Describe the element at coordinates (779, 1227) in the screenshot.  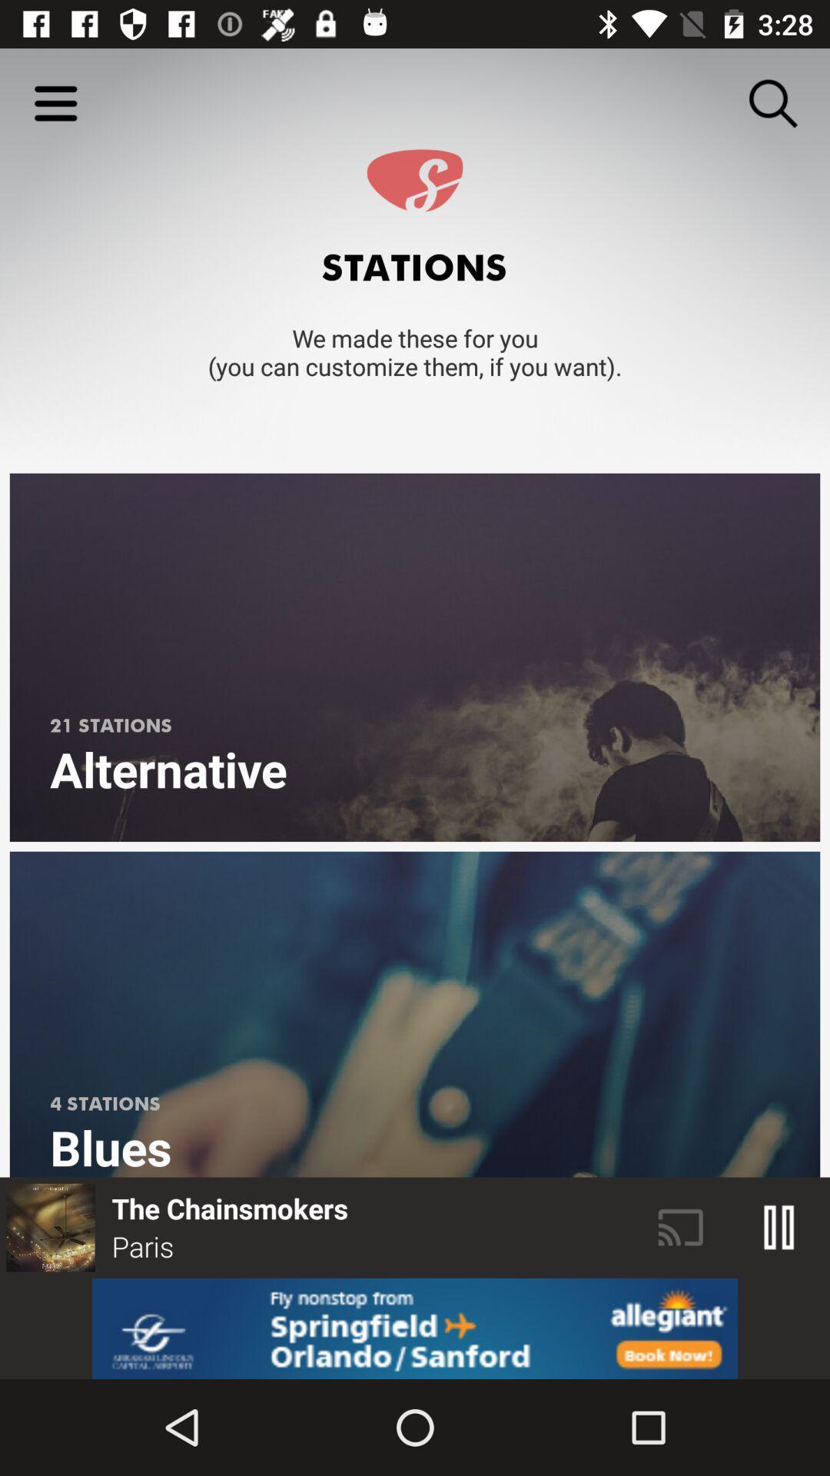
I see `the play button shown on the bottom right corner of the page` at that location.